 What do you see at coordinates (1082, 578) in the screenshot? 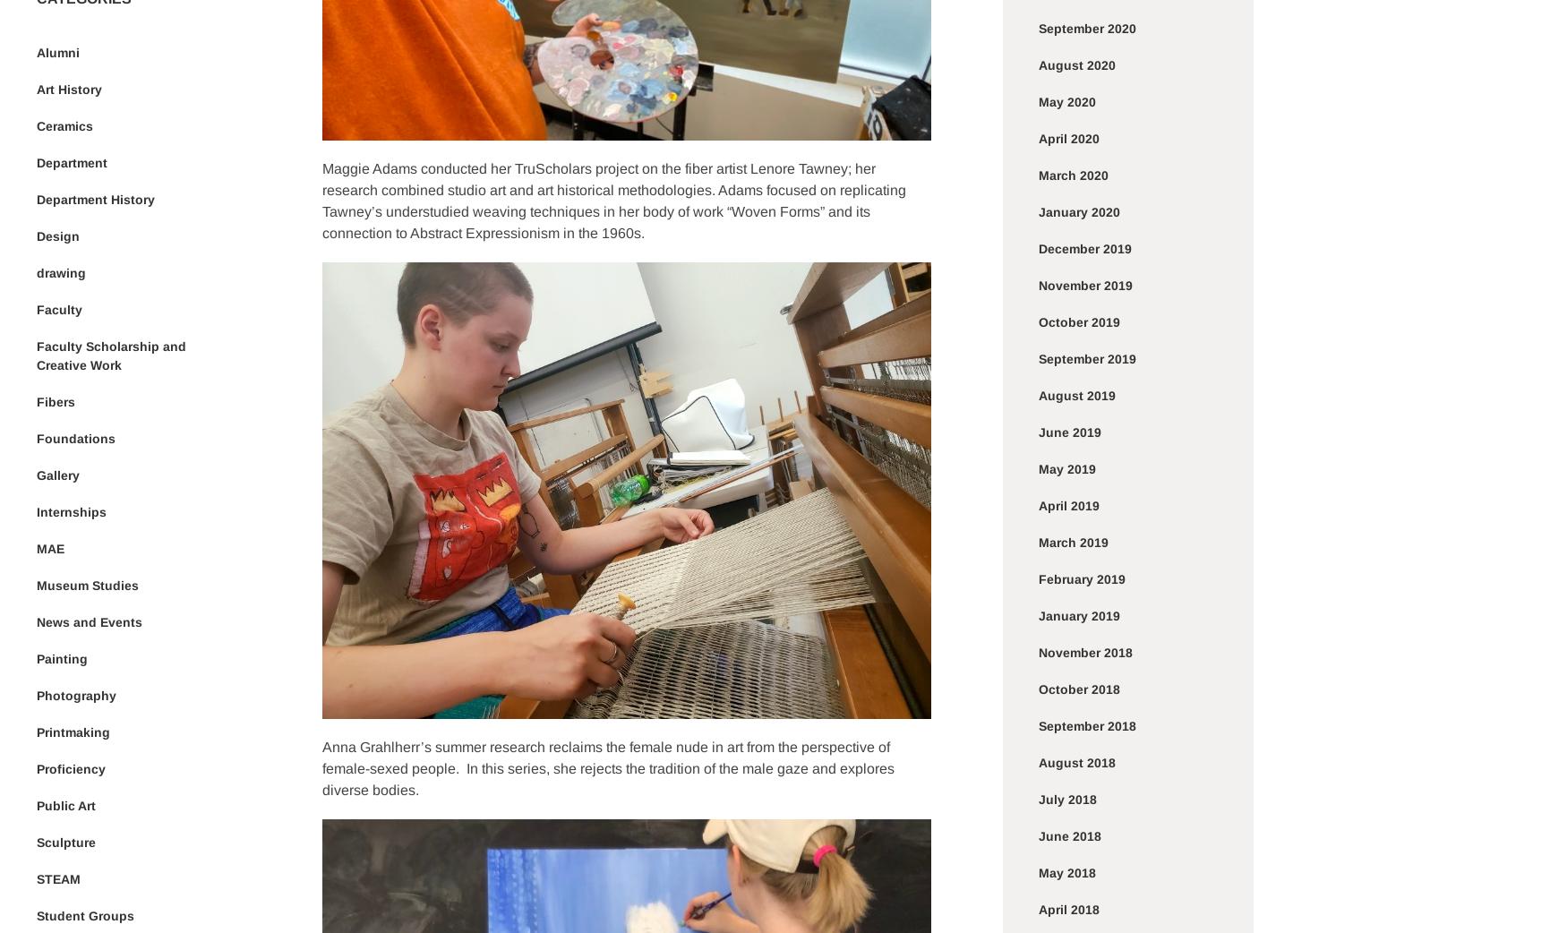
I see `'February 2019'` at bounding box center [1082, 578].